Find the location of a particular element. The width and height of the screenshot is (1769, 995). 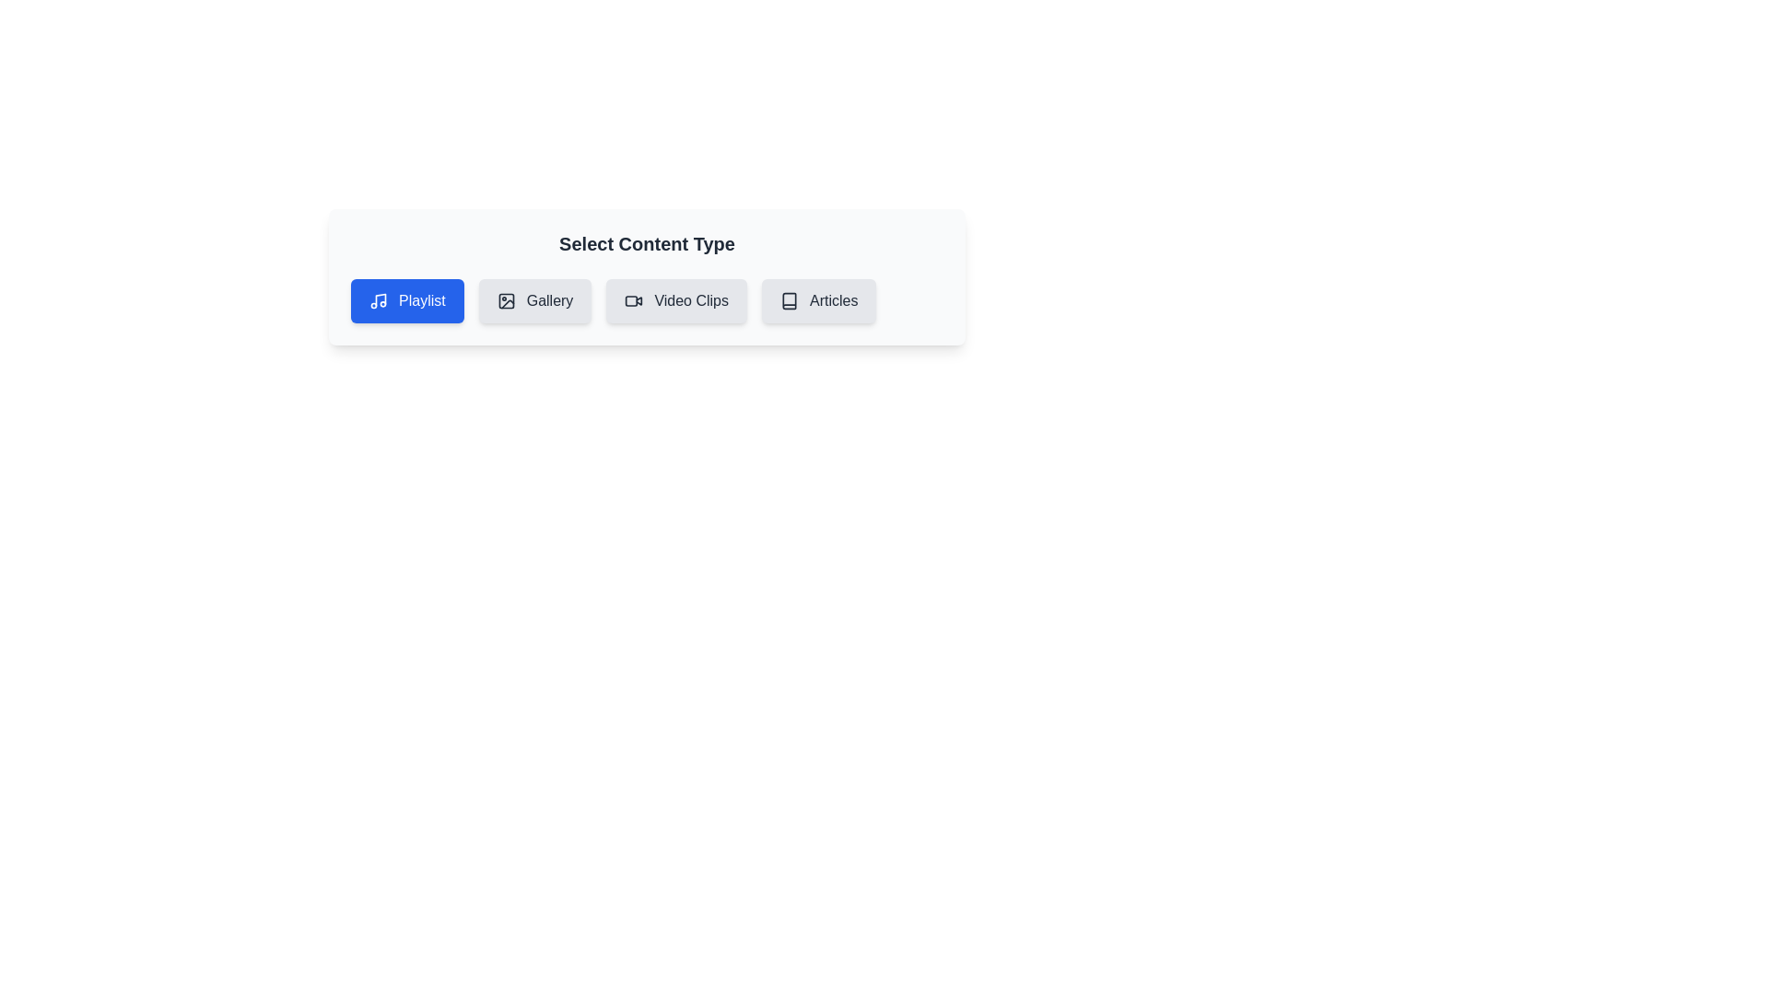

the chip labeled 'Articles' to observe its hover effect is located at coordinates (817, 300).